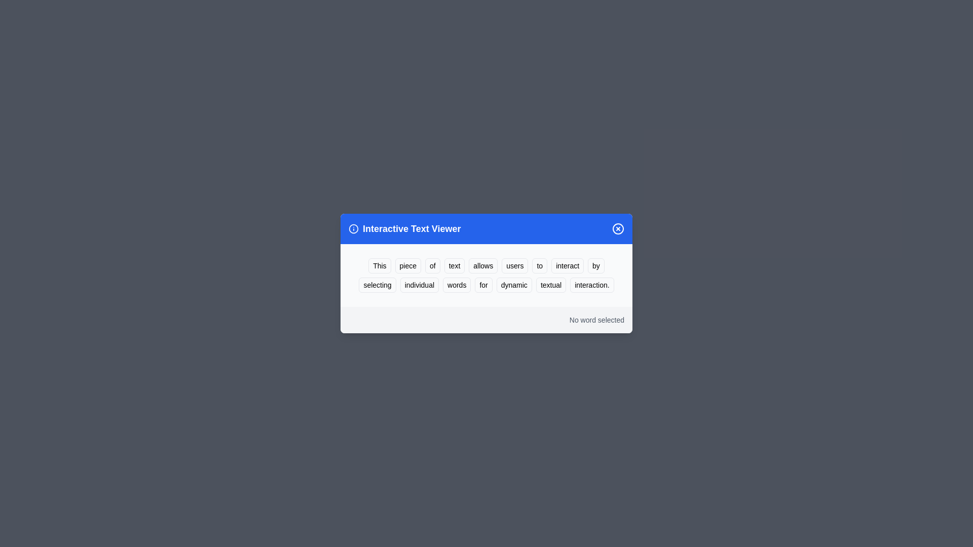 Image resolution: width=973 pixels, height=547 pixels. What do you see at coordinates (514, 285) in the screenshot?
I see `the word 'dynamic' to highlight it` at bounding box center [514, 285].